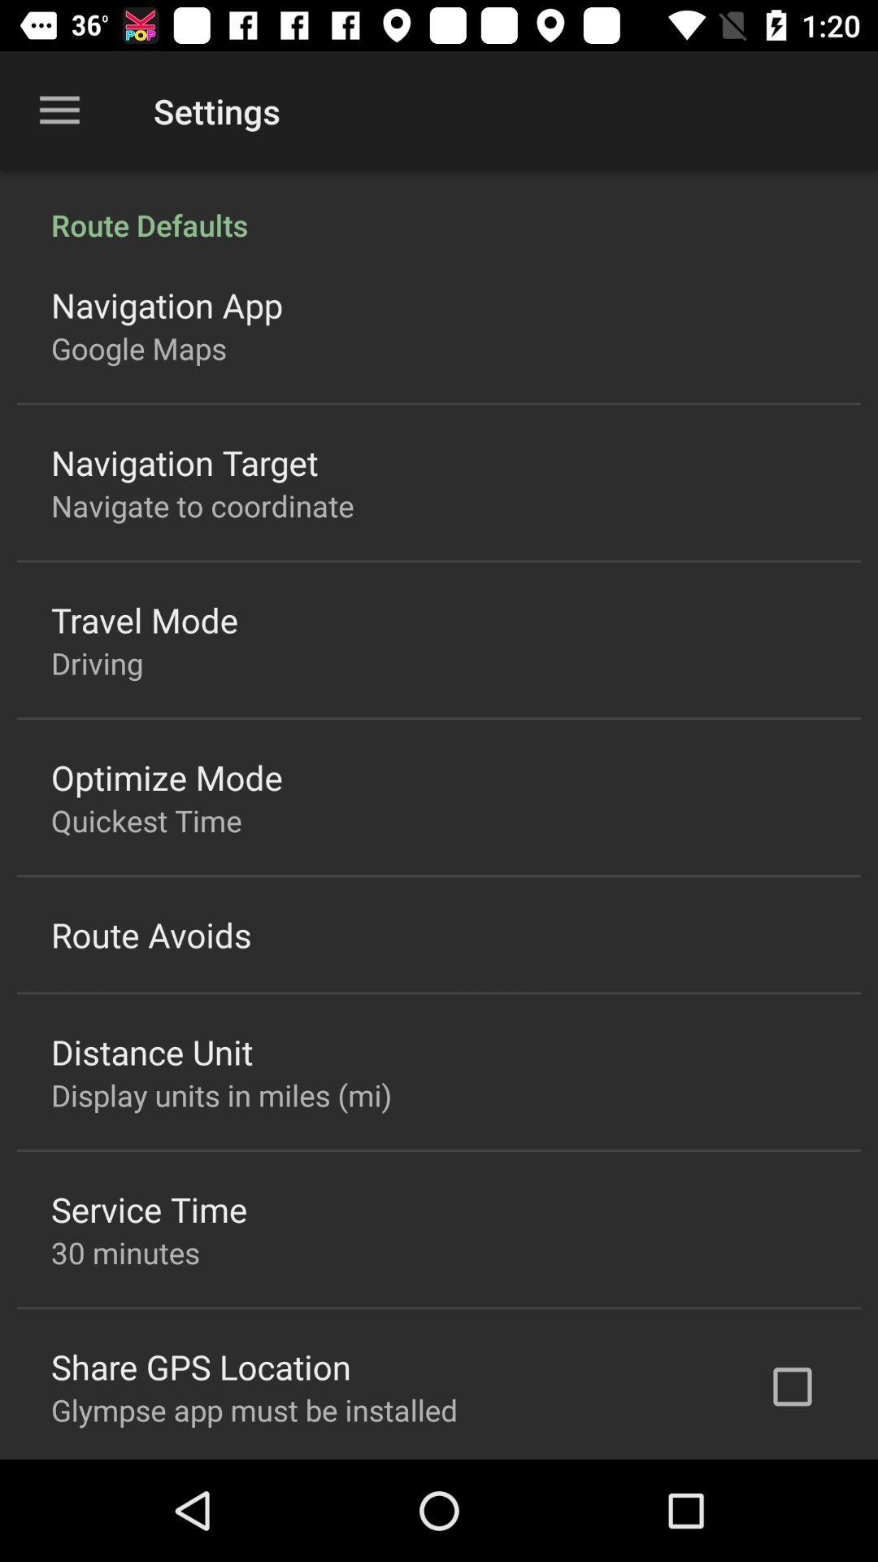  I want to click on glympse app must, so click(254, 1409).